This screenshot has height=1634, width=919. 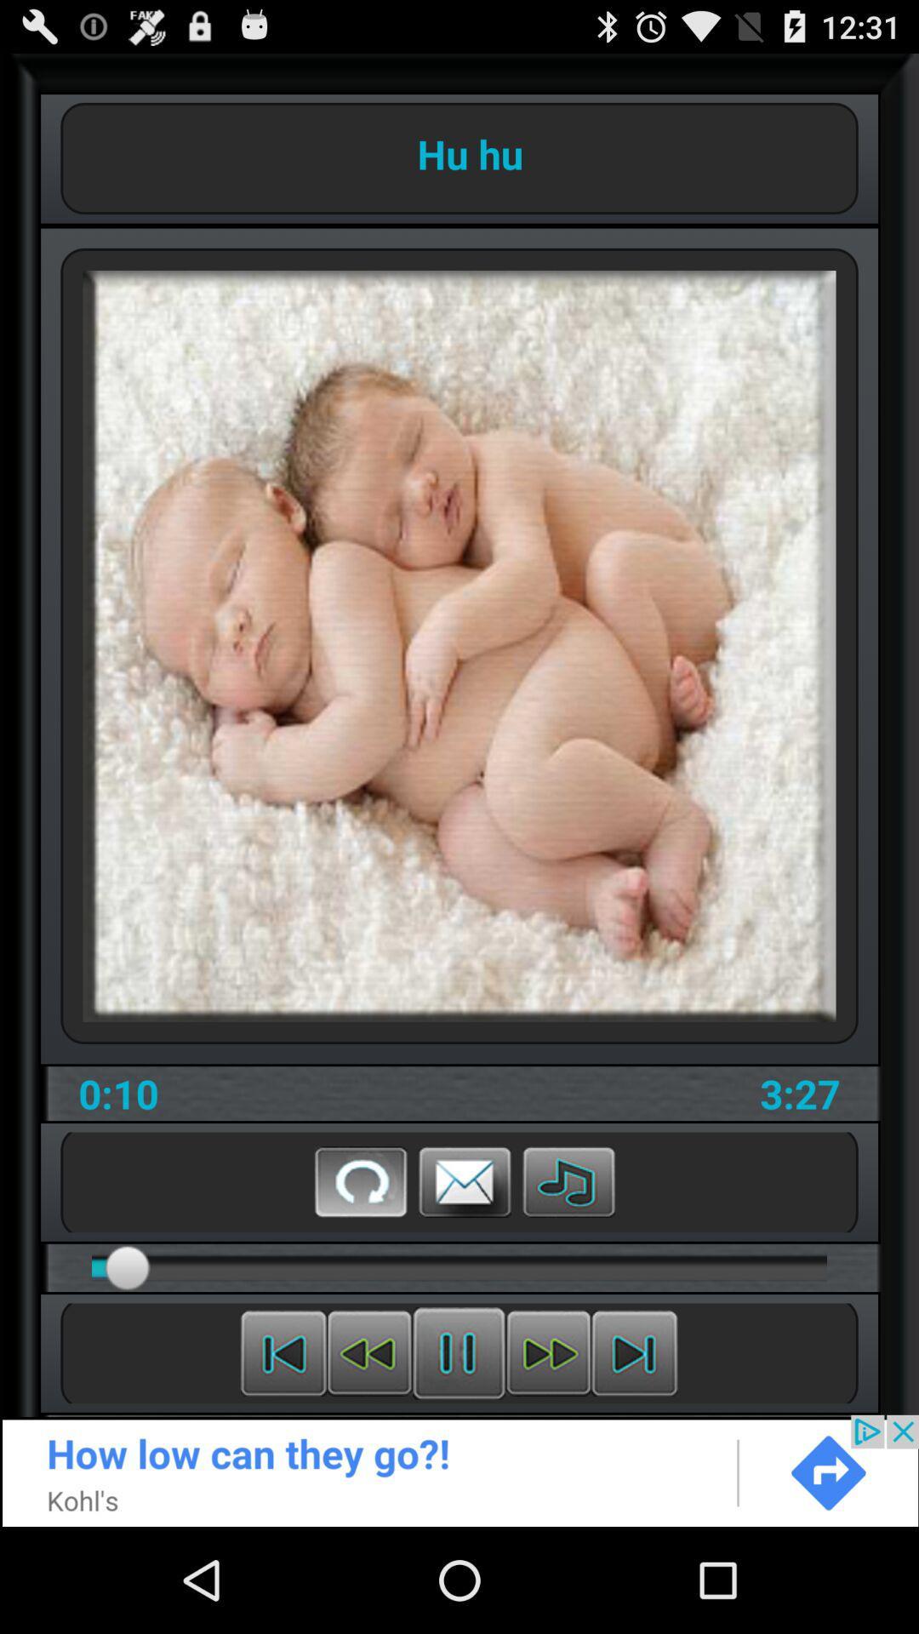 What do you see at coordinates (634, 1352) in the screenshot?
I see `go forward to next song` at bounding box center [634, 1352].